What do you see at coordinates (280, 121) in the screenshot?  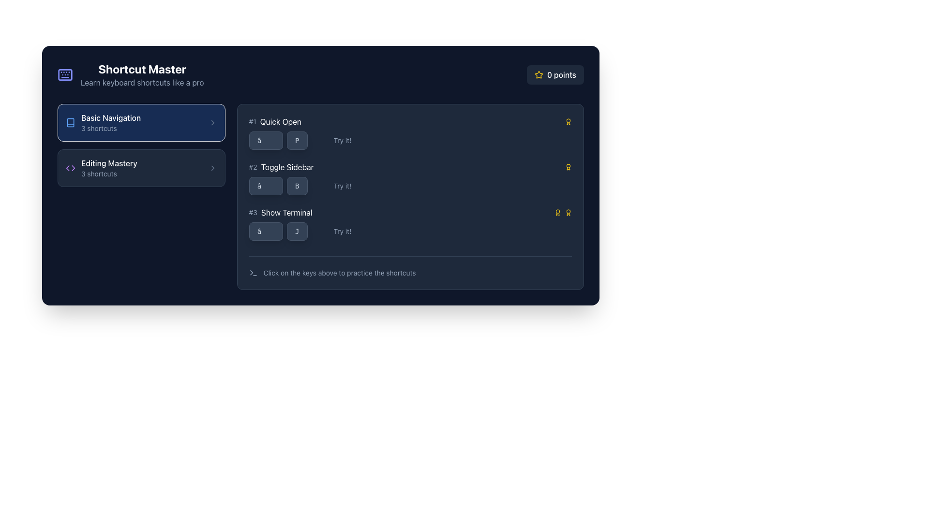 I see `the static text label that describes the first shortcut in the list, located beneath the 'Shortcut Master' title section` at bounding box center [280, 121].